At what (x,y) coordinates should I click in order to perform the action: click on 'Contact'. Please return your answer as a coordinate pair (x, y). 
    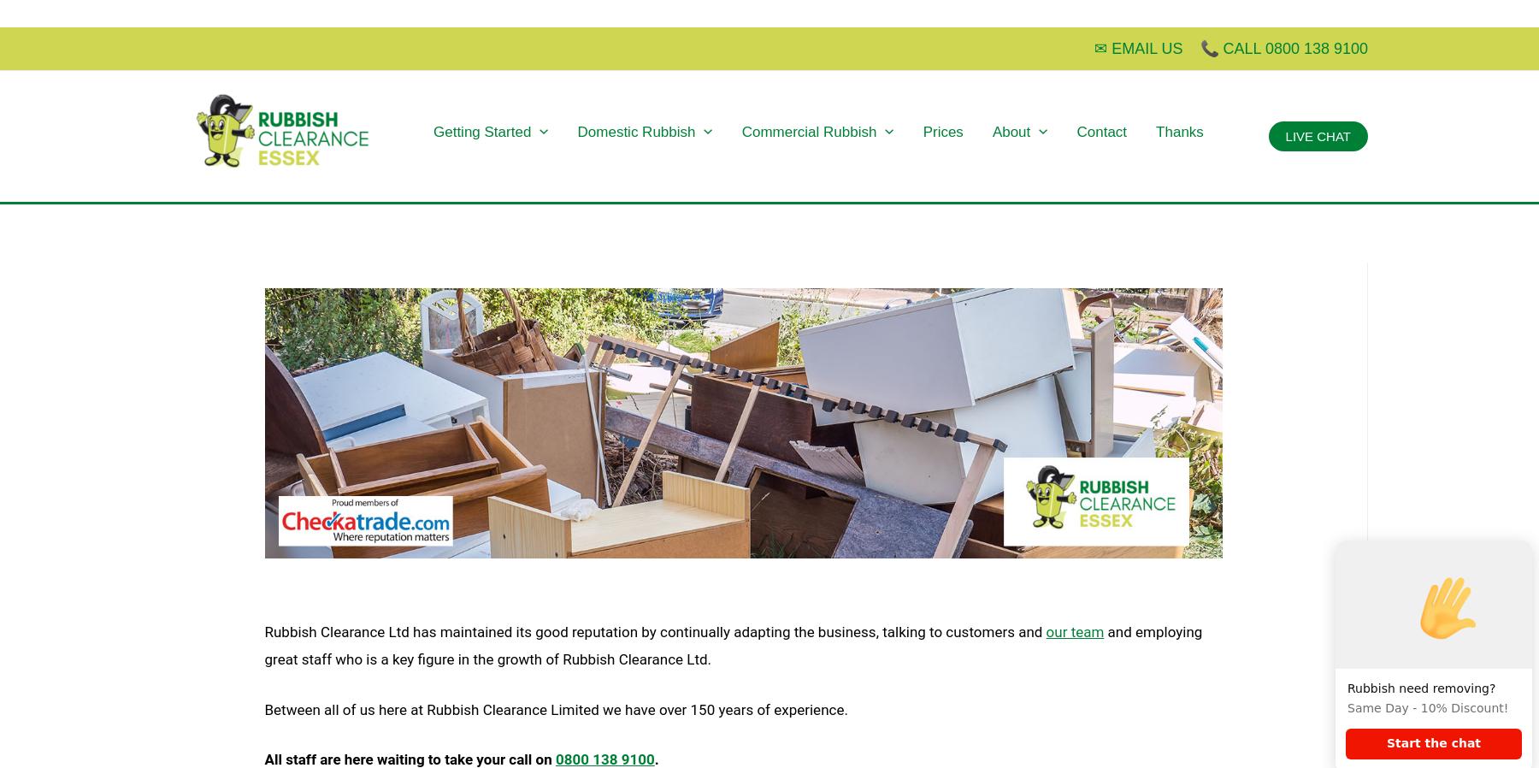
    Looking at the image, I should click on (1101, 130).